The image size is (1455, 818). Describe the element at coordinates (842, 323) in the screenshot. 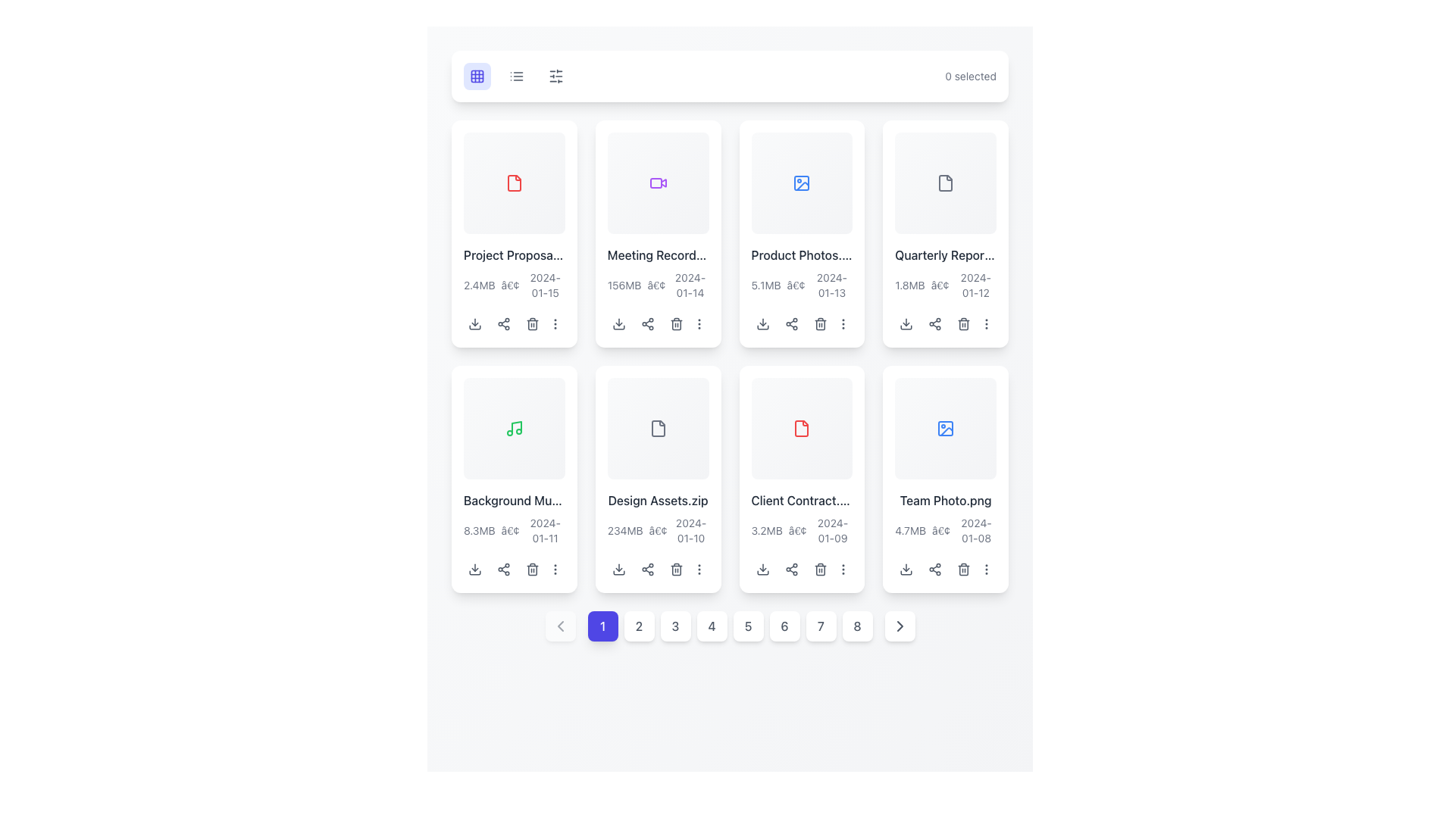

I see `the icon button at the end of the action icons below the 'Product Photos.jpg' card` at that location.